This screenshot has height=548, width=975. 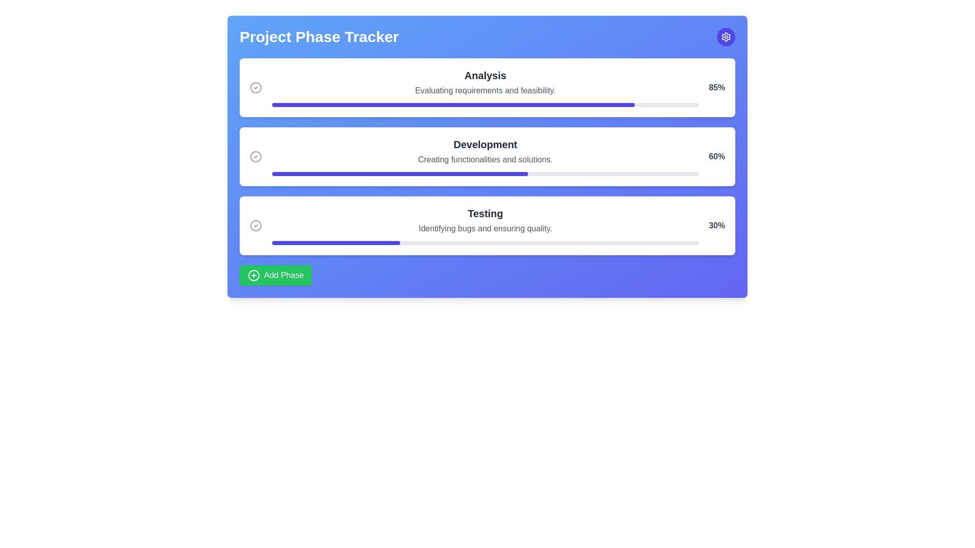 I want to click on text label displaying '60%' located in the rightmost portion of the 'Development' progress card, which is the middle card among three stacked vertically, so click(x=716, y=156).